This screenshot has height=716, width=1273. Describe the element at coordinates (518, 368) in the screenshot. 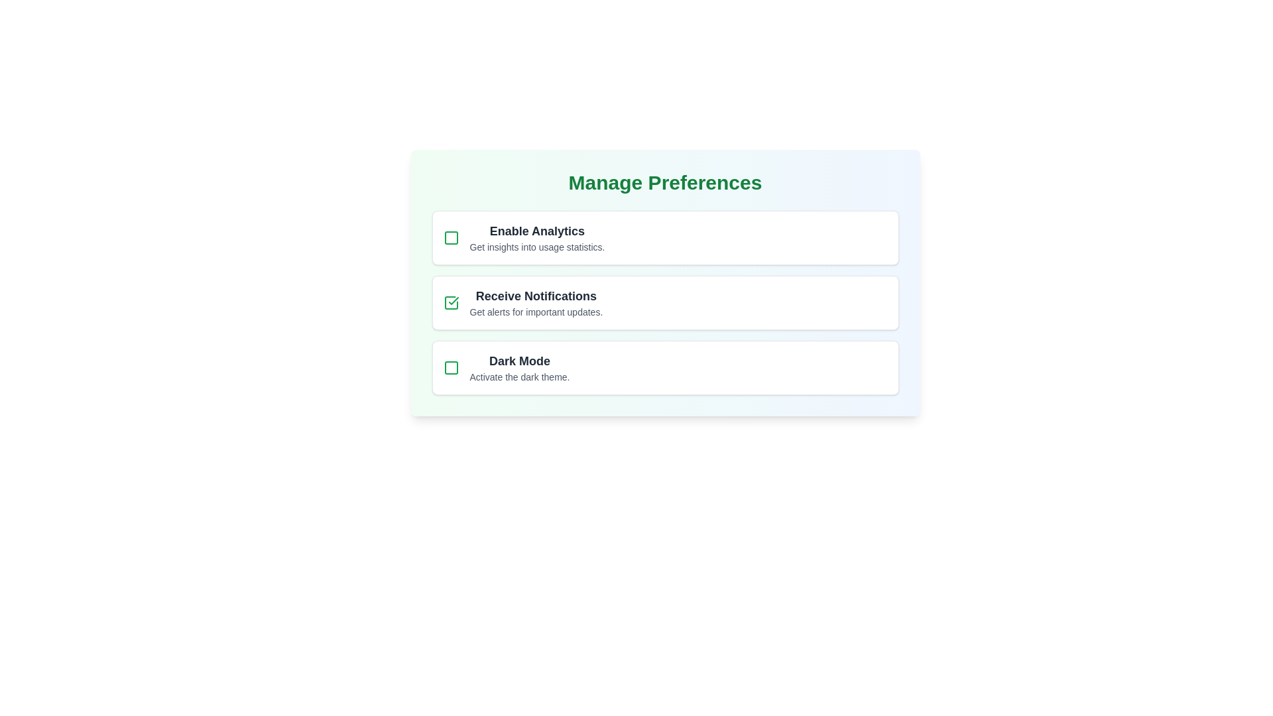

I see `text from the Text Label element stating 'Dark Mode' and 'Activate the dark theme.' which is located above a checkbox in the 'Manage Preferences' section` at that location.